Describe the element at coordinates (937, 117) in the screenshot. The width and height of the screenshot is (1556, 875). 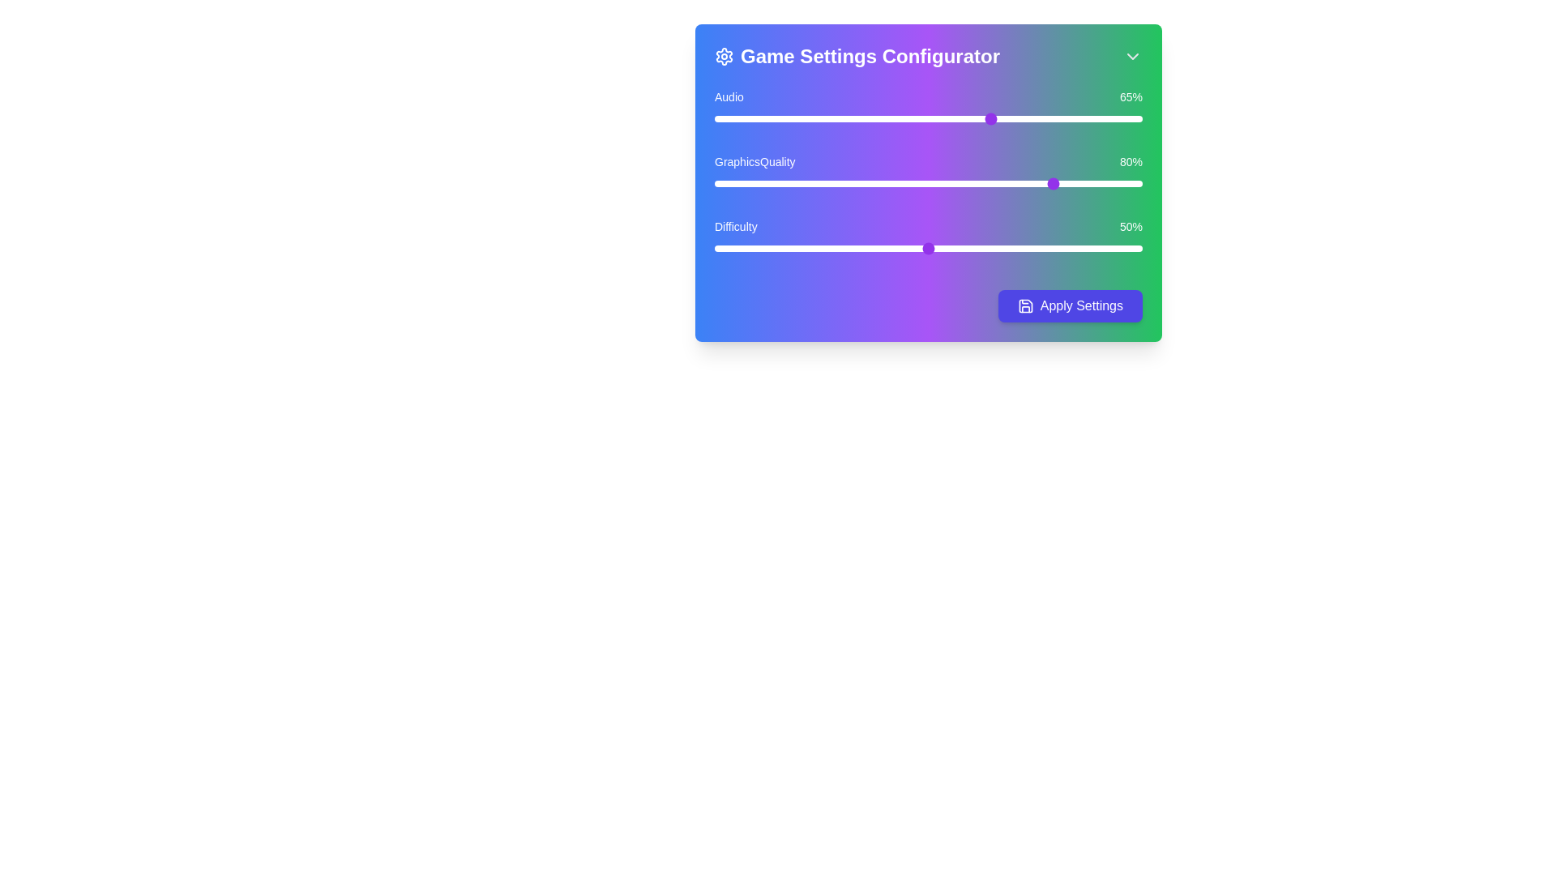
I see `the audio slider` at that location.